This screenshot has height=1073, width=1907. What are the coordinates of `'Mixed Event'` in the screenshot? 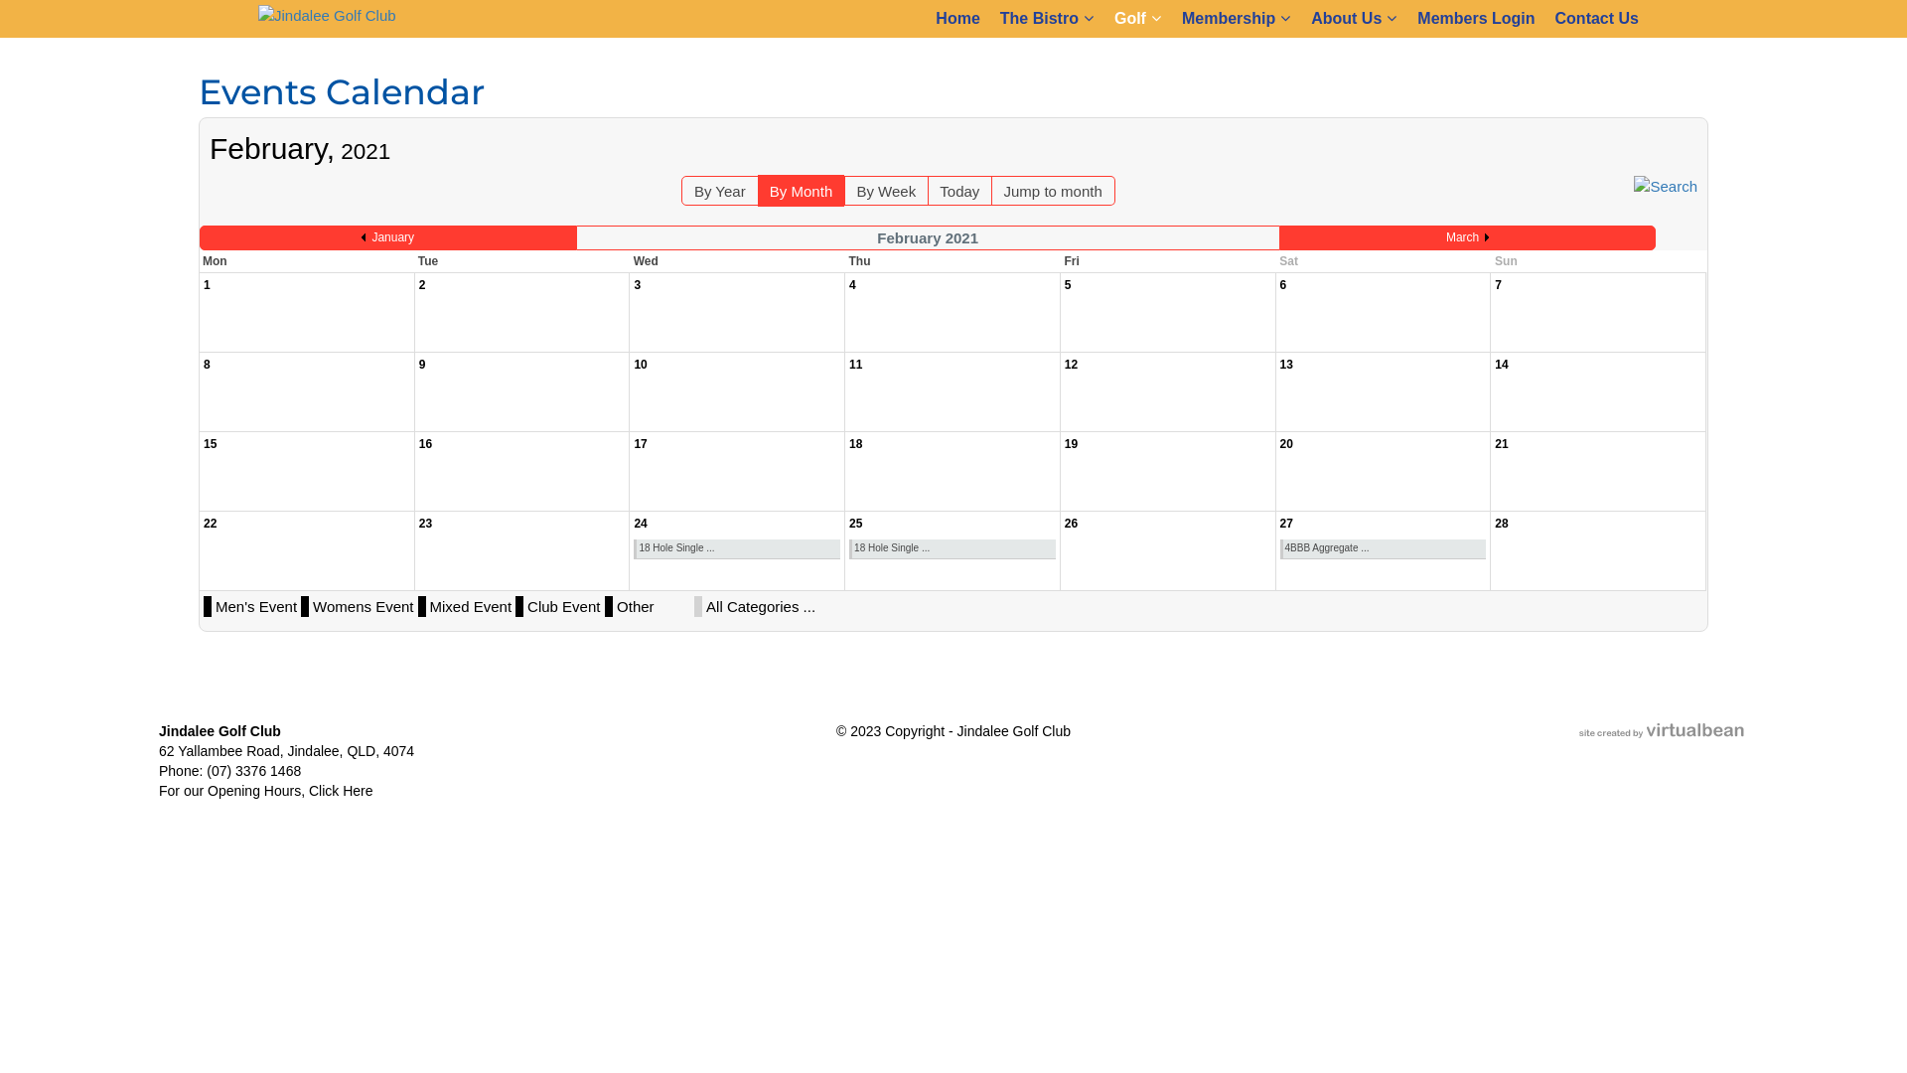 It's located at (470, 605).